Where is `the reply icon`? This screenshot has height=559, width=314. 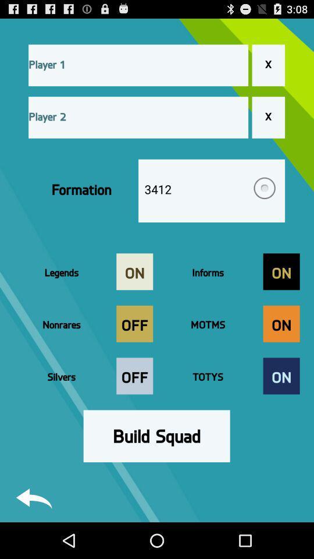
the reply icon is located at coordinates (34, 533).